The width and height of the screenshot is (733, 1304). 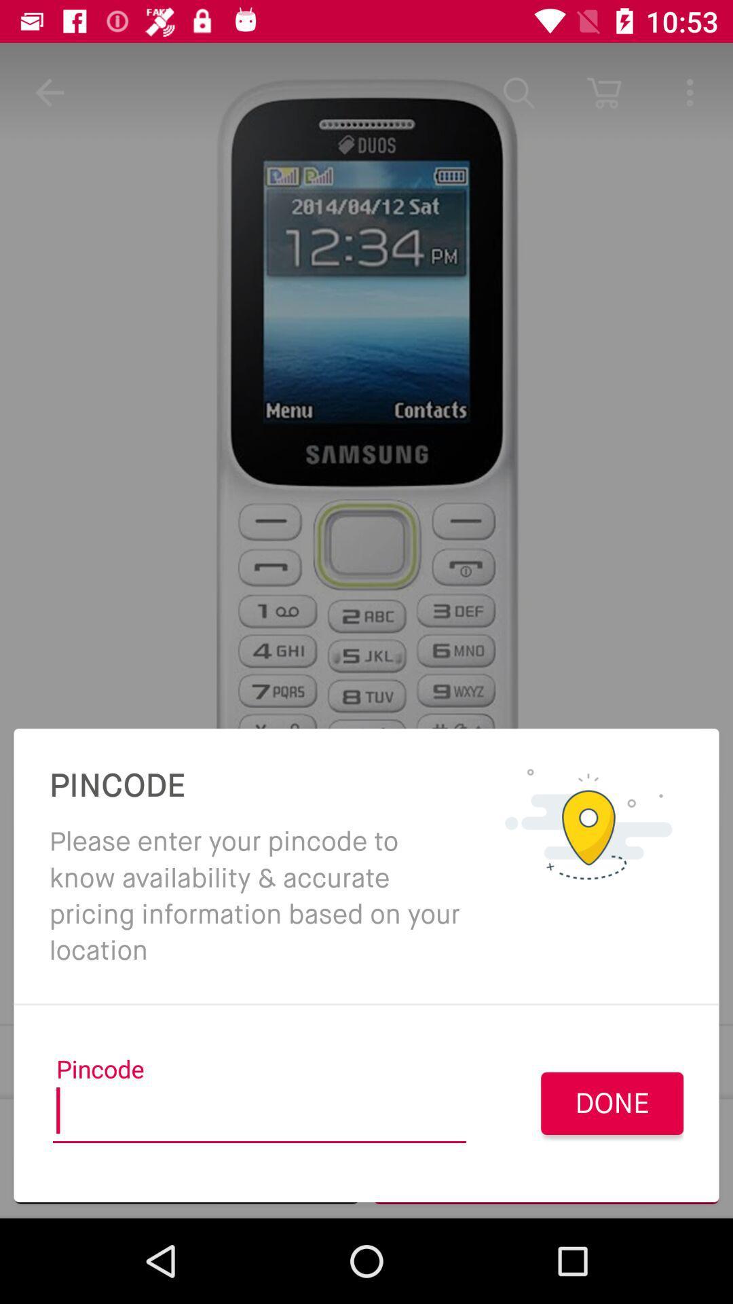 What do you see at coordinates (259, 1115) in the screenshot?
I see `pincode enter` at bounding box center [259, 1115].